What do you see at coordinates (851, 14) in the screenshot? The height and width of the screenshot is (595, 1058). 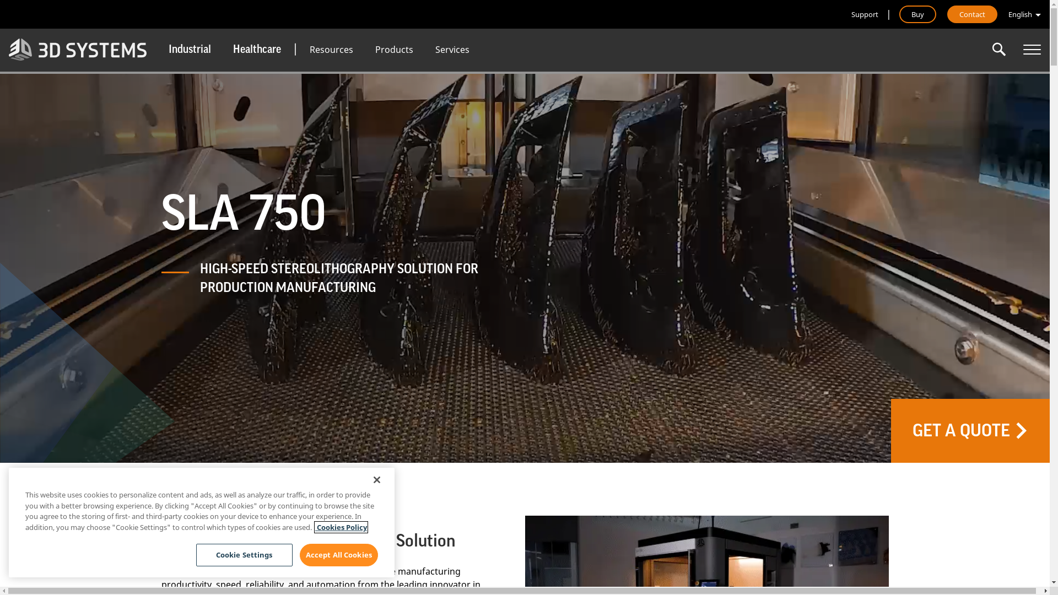 I see `'Support'` at bounding box center [851, 14].